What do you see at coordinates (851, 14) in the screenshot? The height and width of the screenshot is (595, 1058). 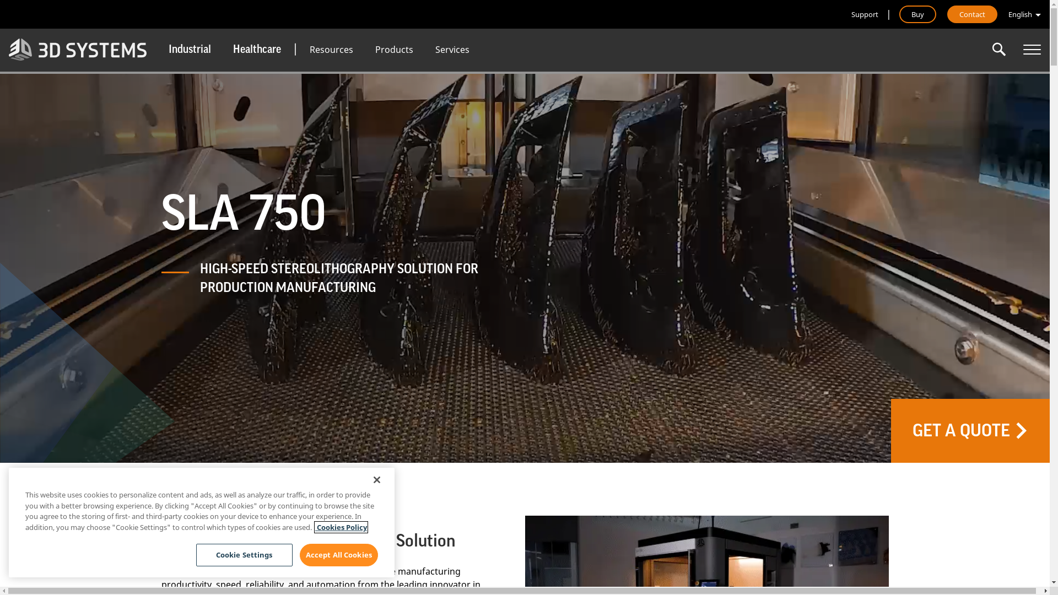 I see `'Support'` at bounding box center [851, 14].